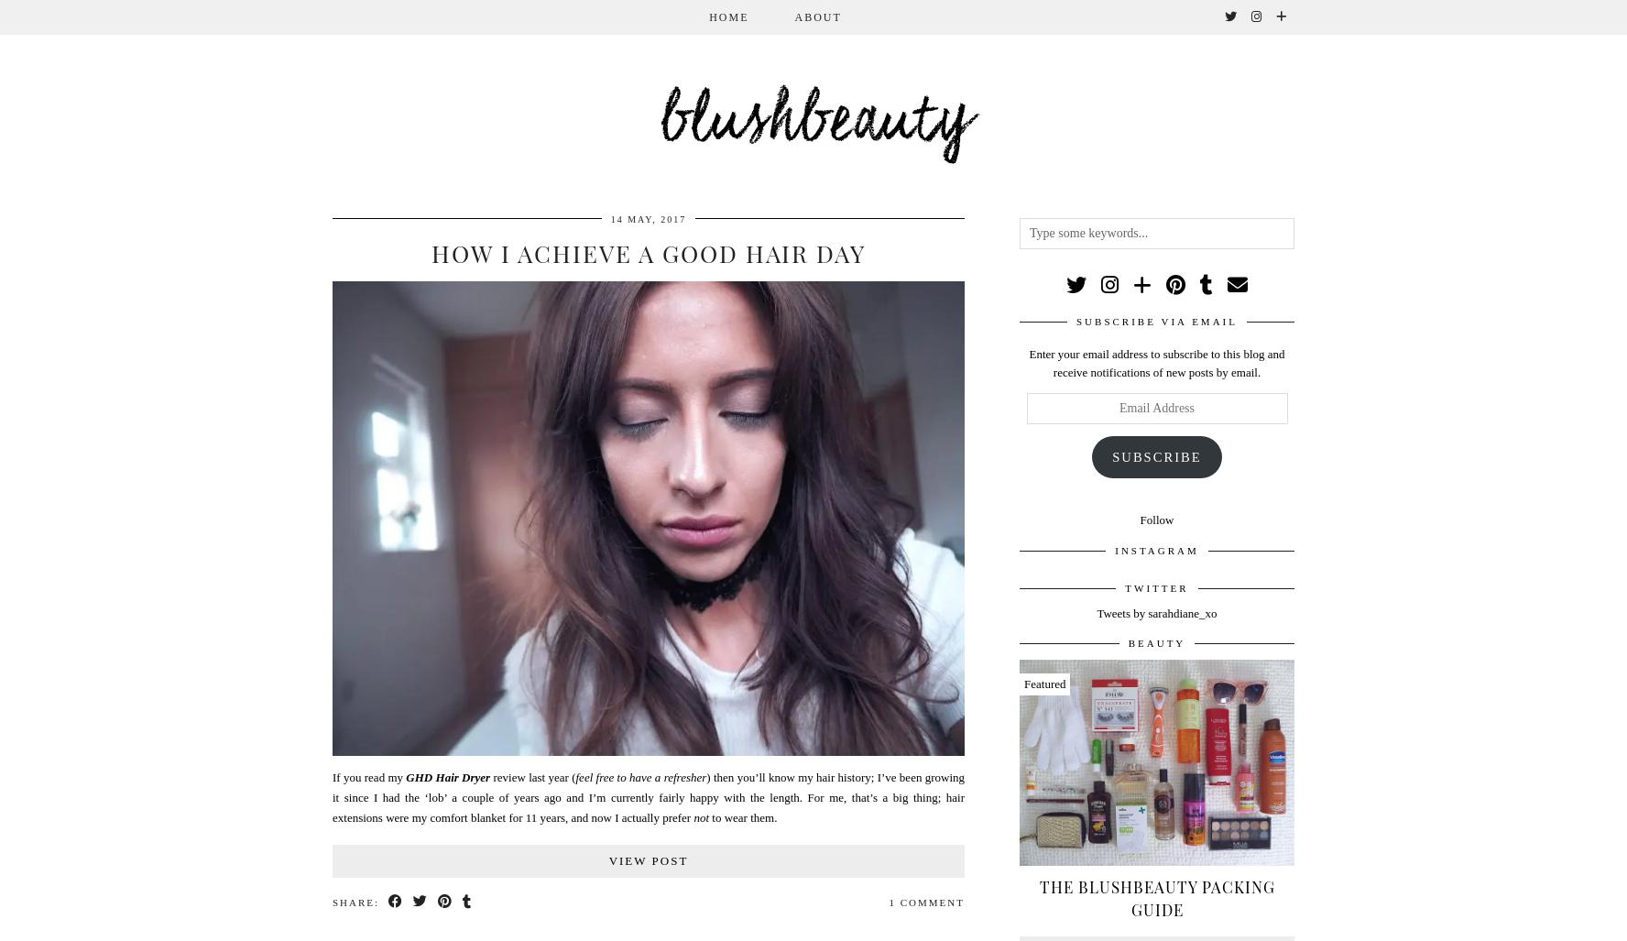  I want to click on 'If you read my', so click(368, 776).